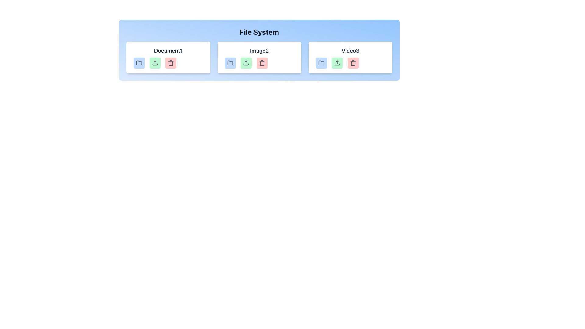 This screenshot has height=329, width=585. Describe the element at coordinates (171, 63) in the screenshot. I see `the trash can icon, which is part of the SVG representation used for deleting or removing items, located in the bottom right of the 'Document1' card` at that location.